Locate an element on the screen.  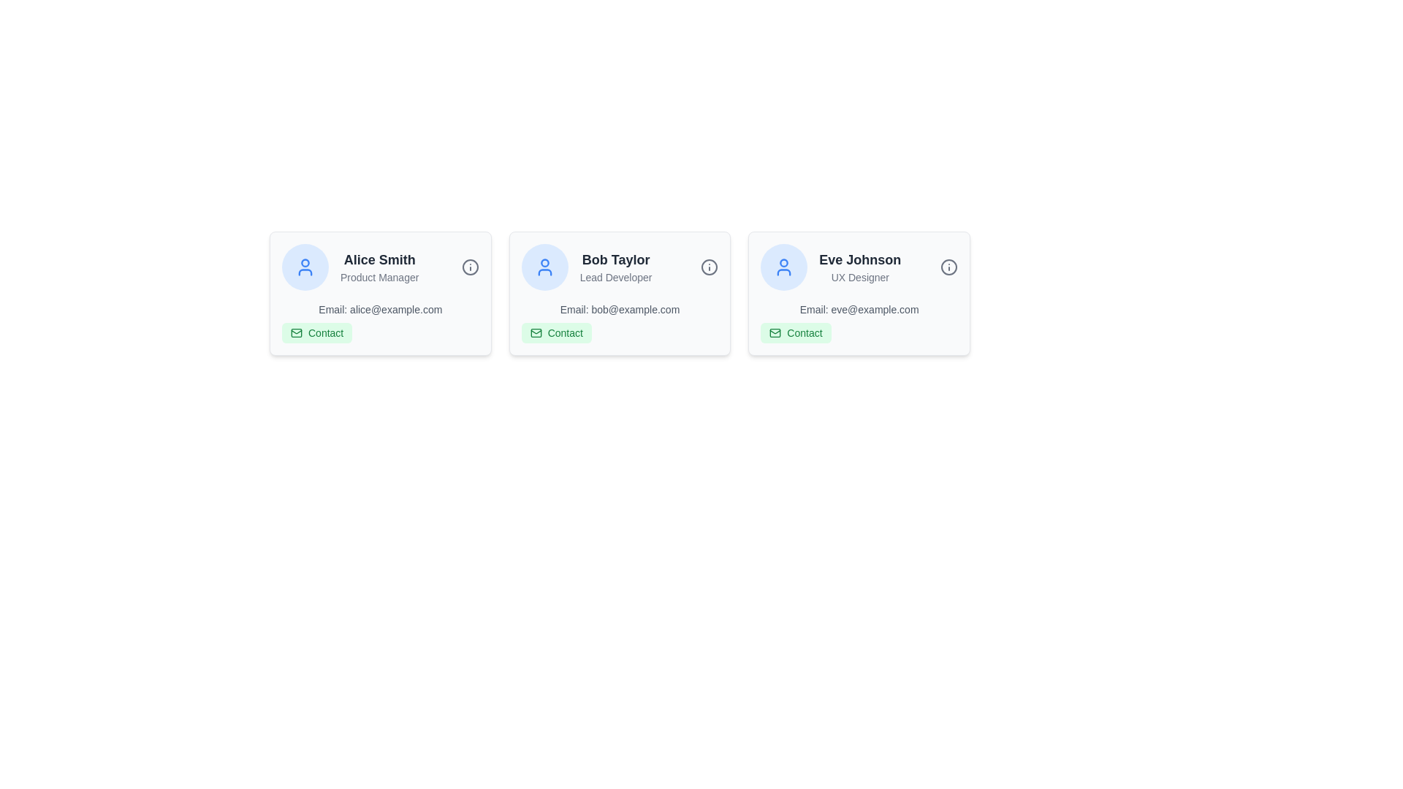
the SVG circle element that is a light gray filled circular shape in the top-right corner of the rightmost card associated with 'Eve Johnson' is located at coordinates (949, 267).